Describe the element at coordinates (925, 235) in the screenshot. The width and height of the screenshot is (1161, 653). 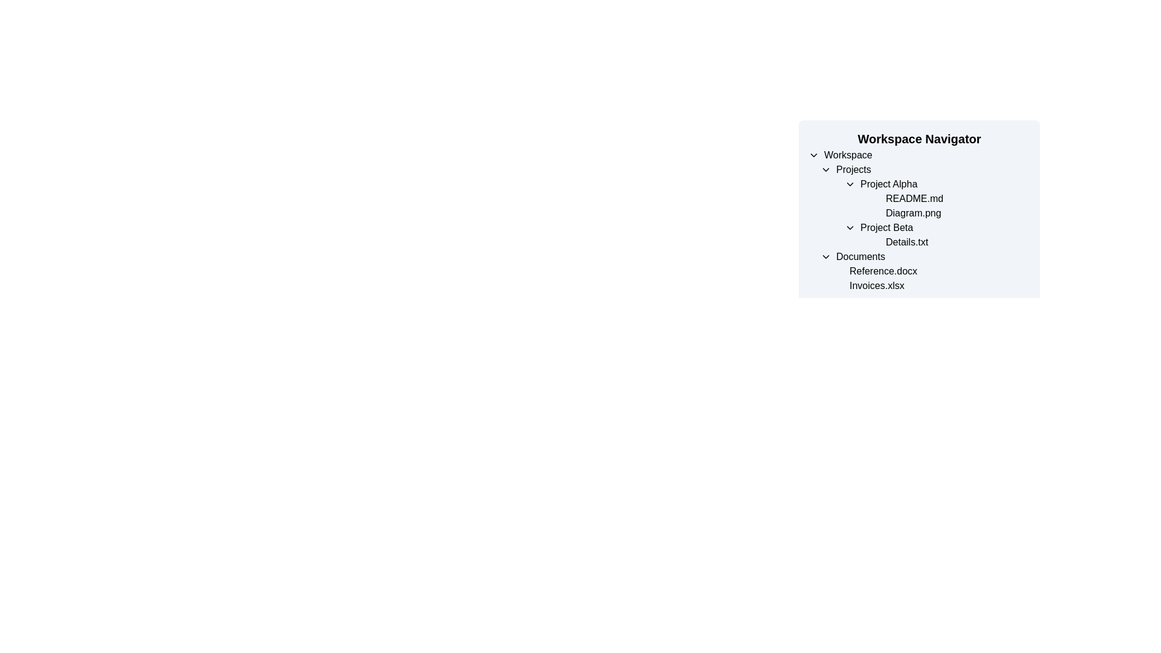
I see `the text label displaying 'Details.txt', which is indented under 'Project Beta' in the 'Workspace Navigator'` at that location.